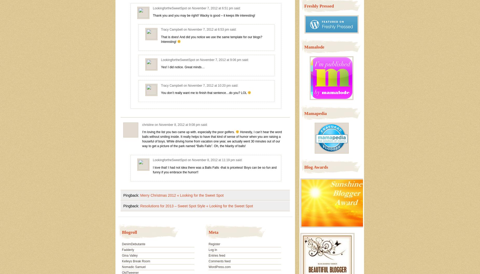 The width and height of the screenshot is (480, 274). I want to click on 'Freshly Pressed', so click(318, 6).